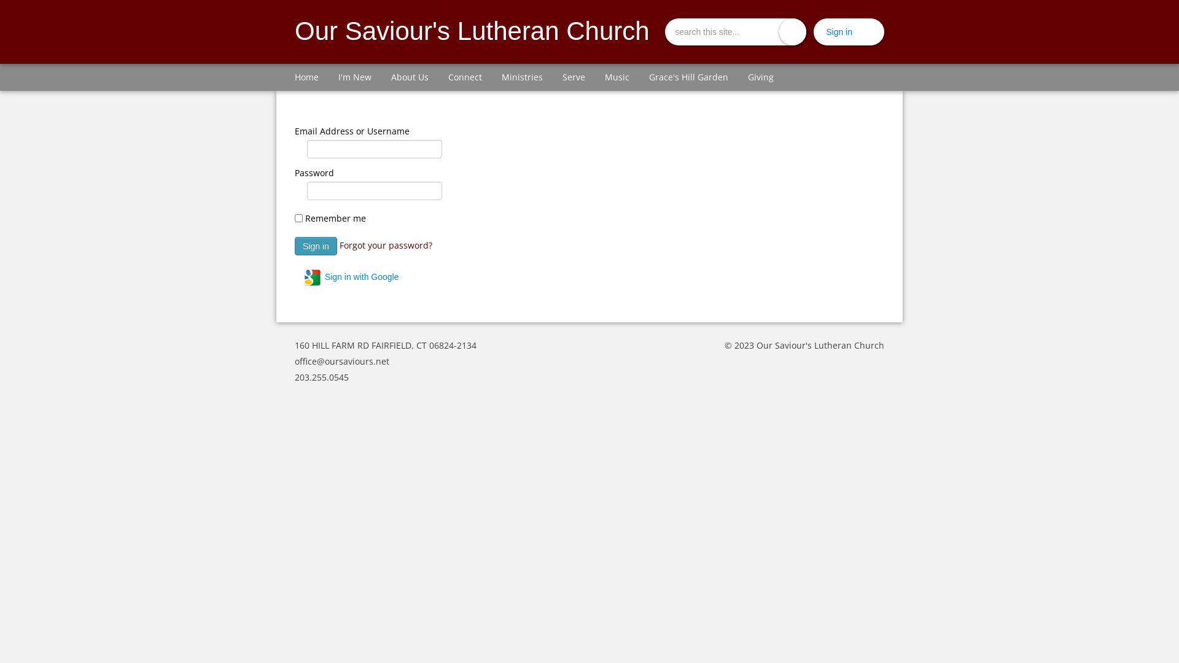 The height and width of the screenshot is (663, 1179). Describe the element at coordinates (306, 77) in the screenshot. I see `'Home'` at that location.